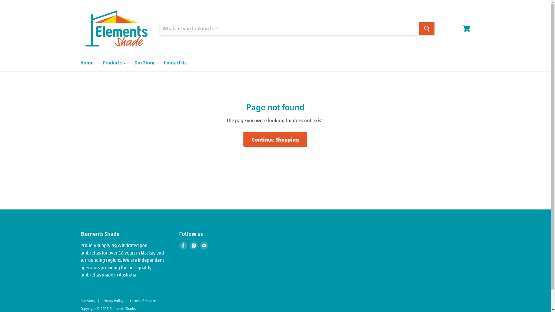 The image size is (555, 312). What do you see at coordinates (175, 62) in the screenshot?
I see `'Contact Us'` at bounding box center [175, 62].